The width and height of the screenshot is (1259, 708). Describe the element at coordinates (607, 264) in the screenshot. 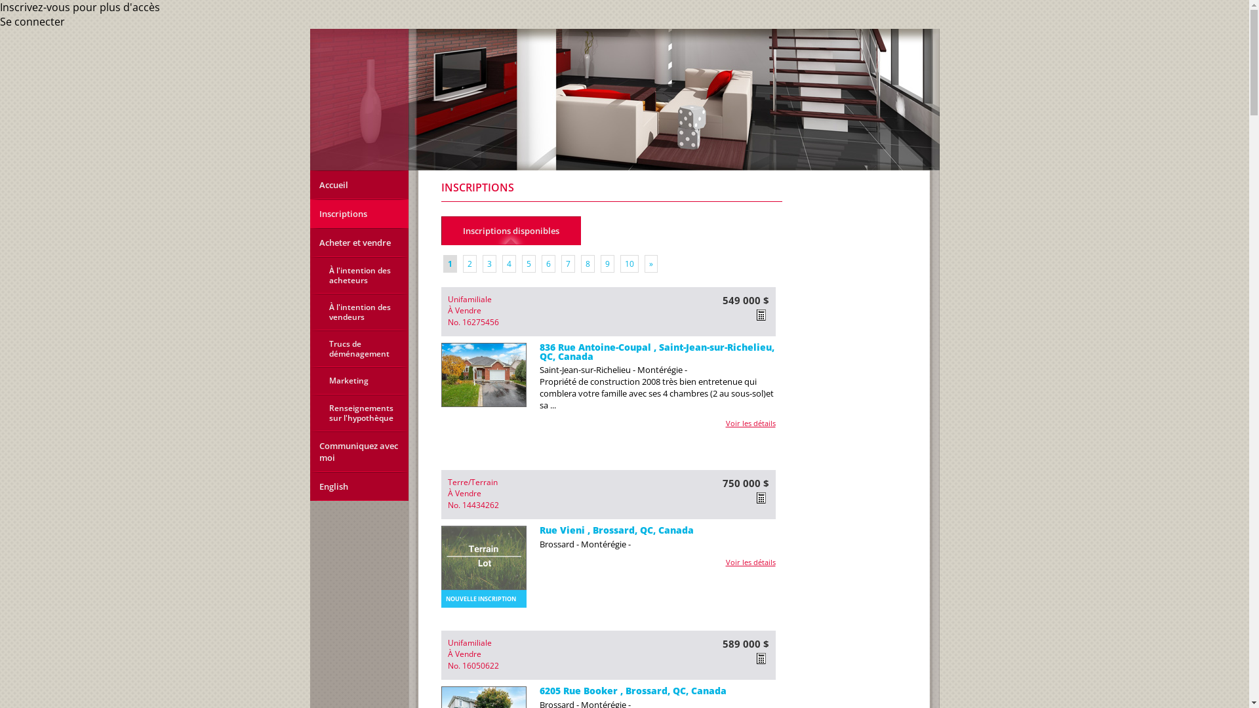

I see `'9'` at that location.